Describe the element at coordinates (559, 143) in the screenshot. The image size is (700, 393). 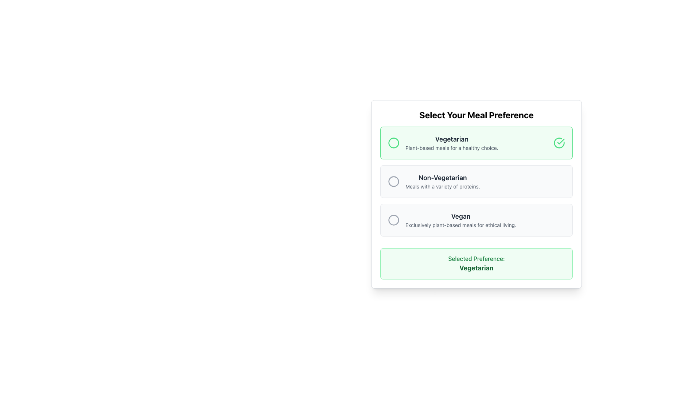
I see `the checkmark icon within the Vegetarian option card that indicates the selection of the Vegetarian option` at that location.